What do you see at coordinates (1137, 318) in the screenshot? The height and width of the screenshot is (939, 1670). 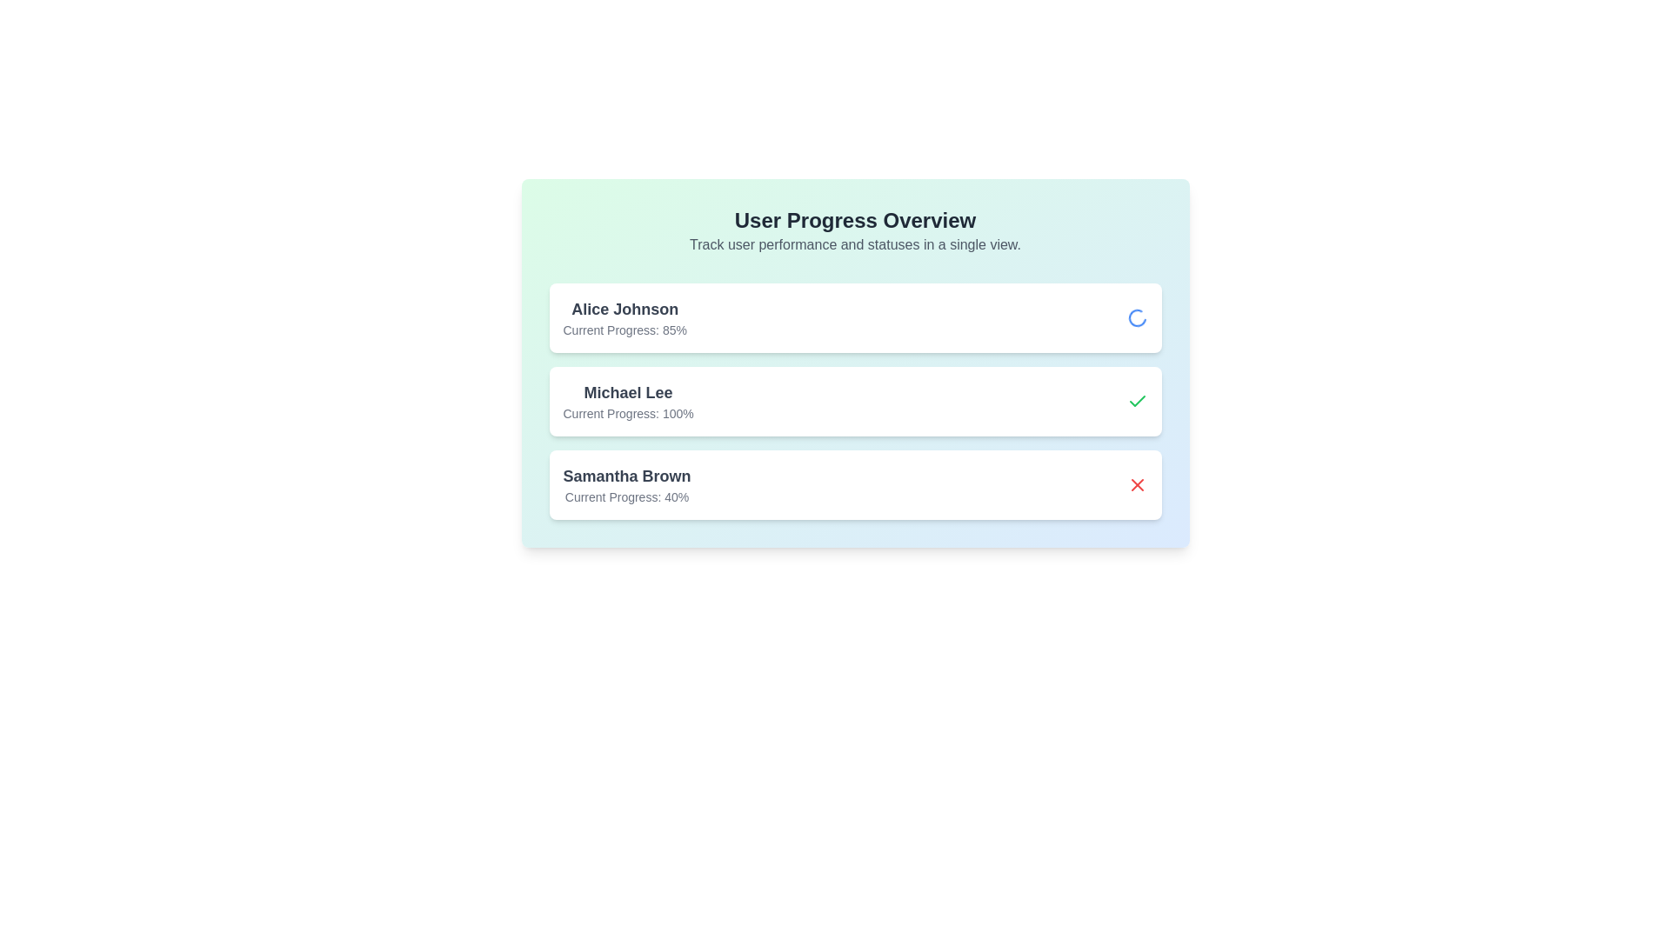 I see `the circular blue loading icon located in the top-right corner of the white card containing the text 'Alice Johnson' and 'Current Progress: 85%'` at bounding box center [1137, 318].